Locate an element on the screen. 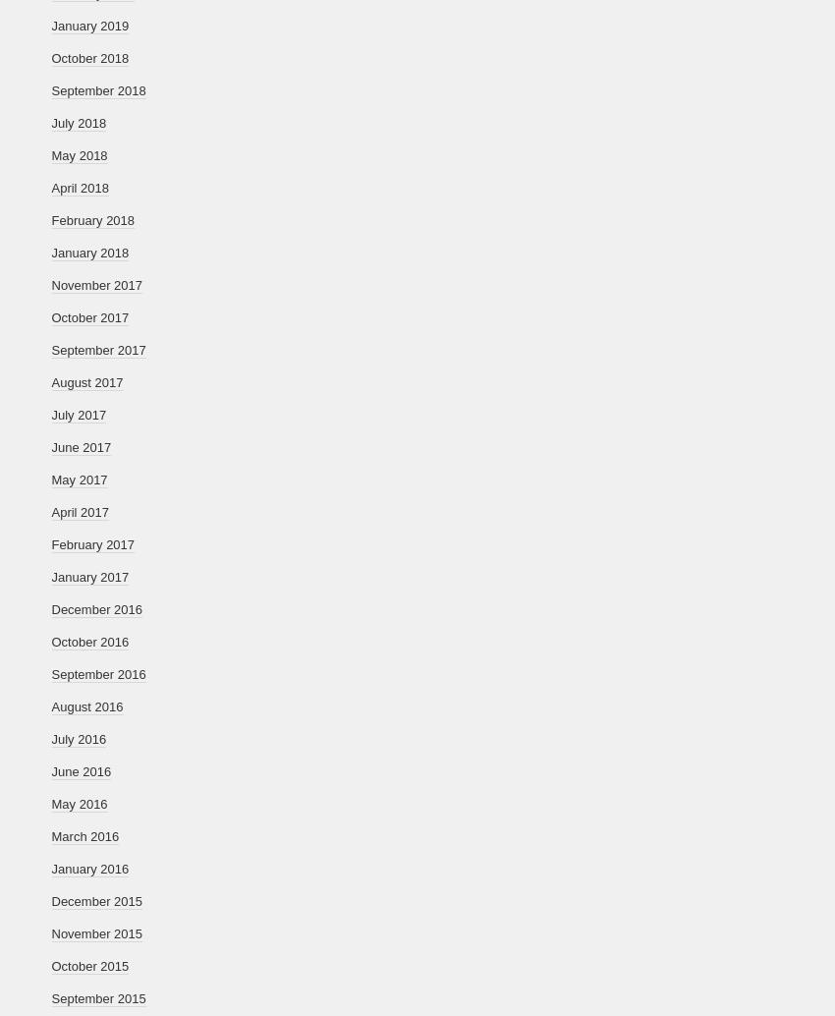 The image size is (835, 1016). 'June 2016' is located at coordinates (81, 770).